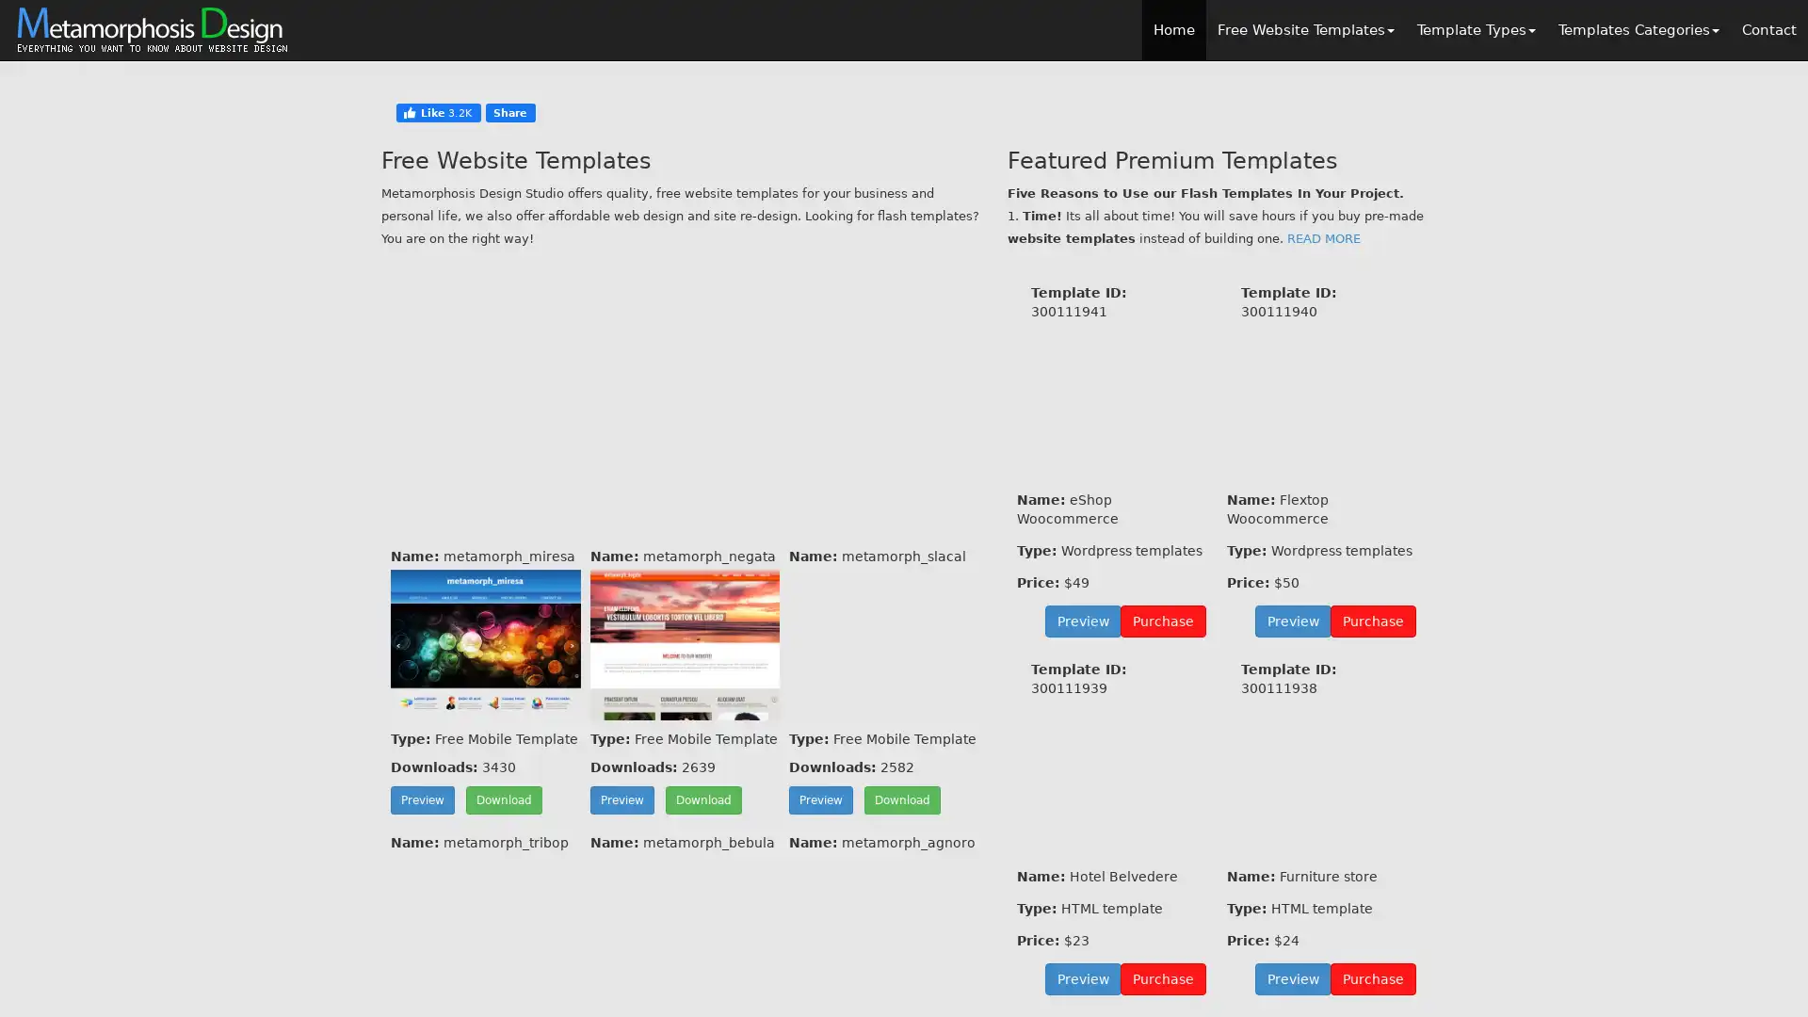 This screenshot has height=1017, width=1808. Describe the element at coordinates (1291, 978) in the screenshot. I see `Preview` at that location.